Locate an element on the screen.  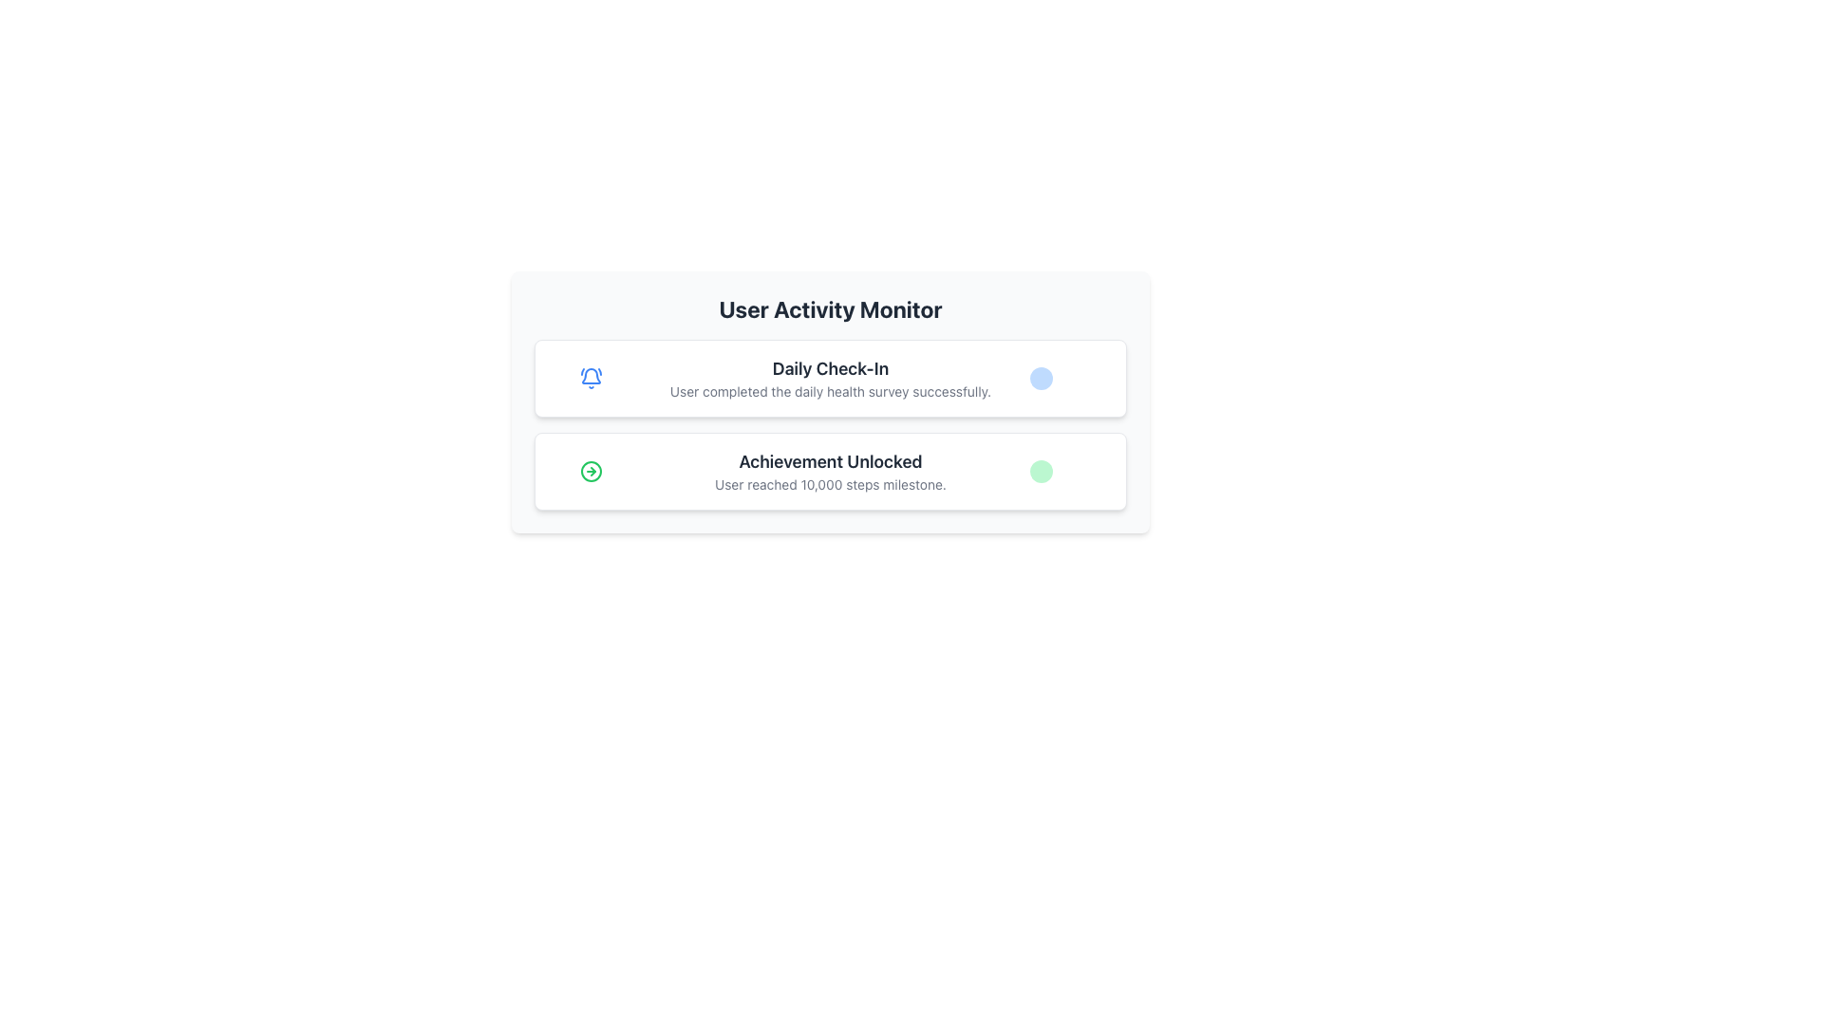
the visual styling of the second icon in the second card of the 'User Activity Monitor' section, located to the left of the 'Achievement Unlocked' text is located at coordinates (590, 471).